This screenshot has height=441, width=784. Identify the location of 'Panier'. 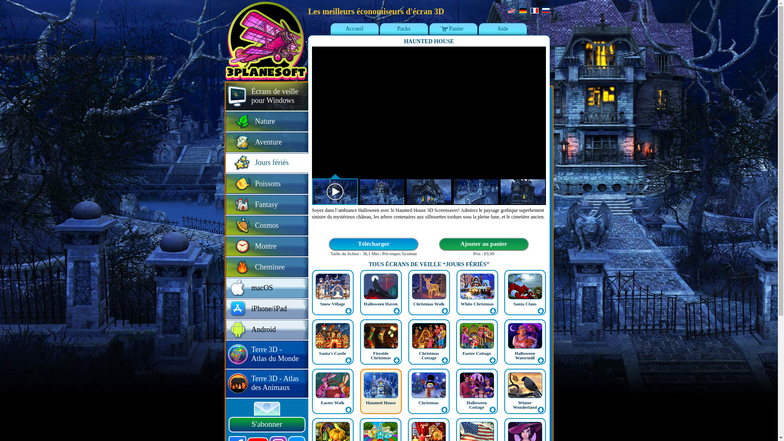
(453, 29).